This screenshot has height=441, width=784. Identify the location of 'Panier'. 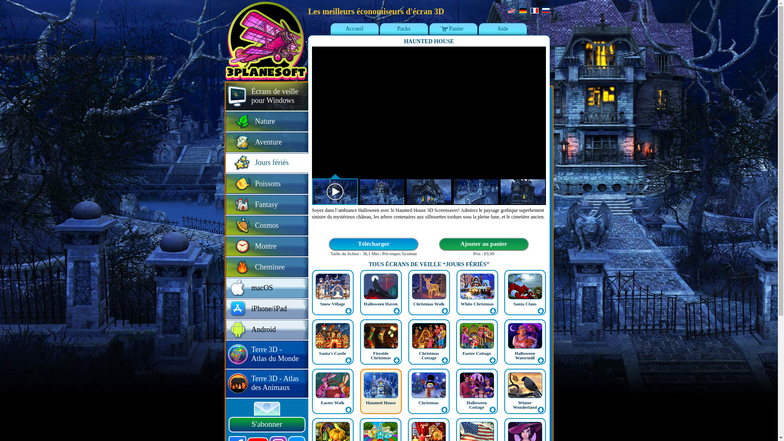
(453, 29).